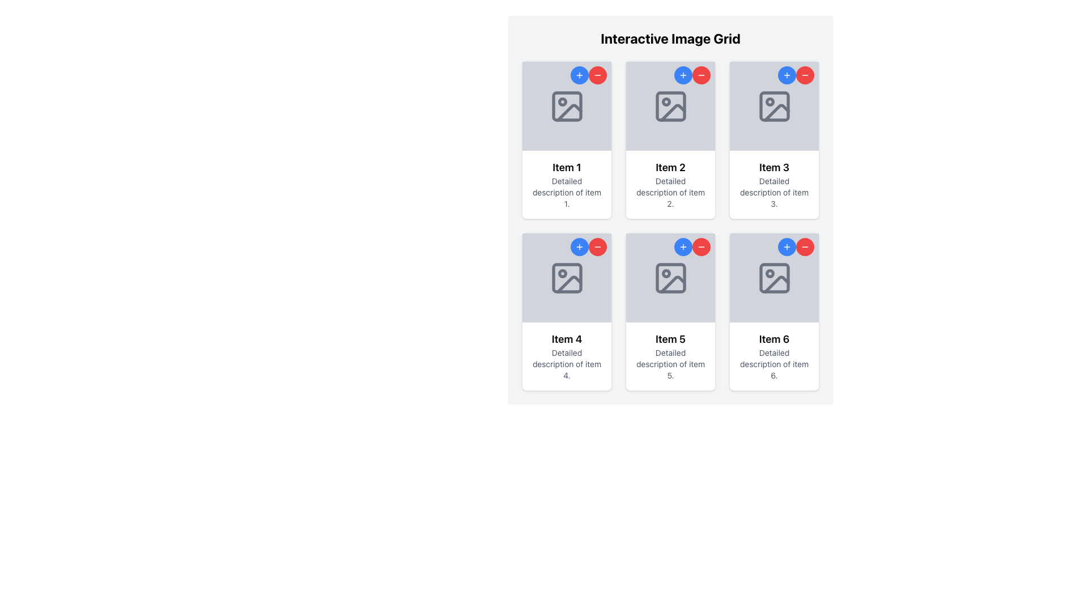 The height and width of the screenshot is (612, 1088). Describe the element at coordinates (597, 246) in the screenshot. I see `the circular red button with a white minus line located in the top-right corner of the card labeled 'Item 5'` at that location.